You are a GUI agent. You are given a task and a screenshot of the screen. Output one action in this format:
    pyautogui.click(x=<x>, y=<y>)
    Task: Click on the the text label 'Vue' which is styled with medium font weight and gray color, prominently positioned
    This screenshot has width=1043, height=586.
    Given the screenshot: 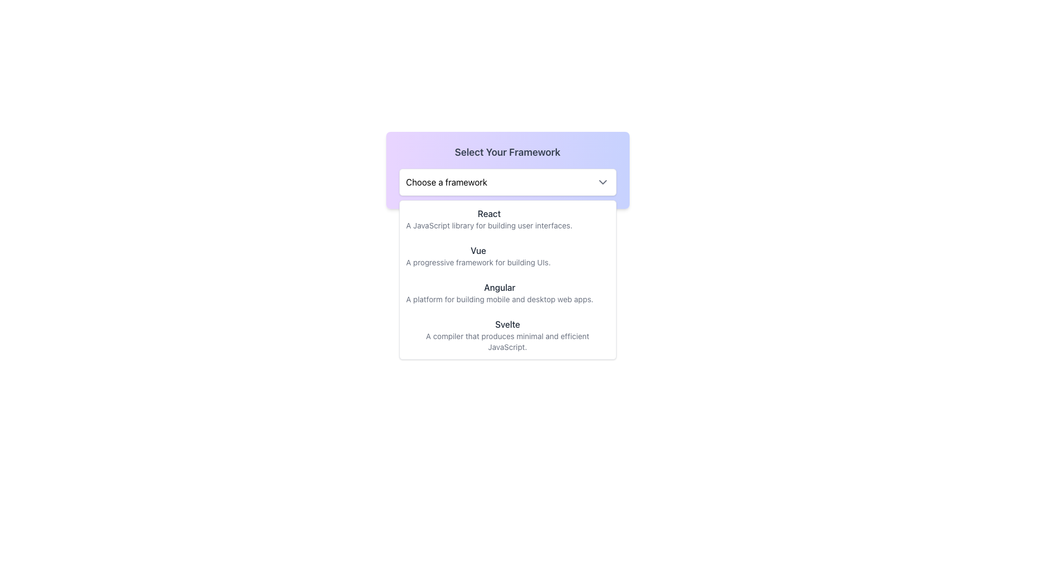 What is the action you would take?
    pyautogui.click(x=478, y=251)
    